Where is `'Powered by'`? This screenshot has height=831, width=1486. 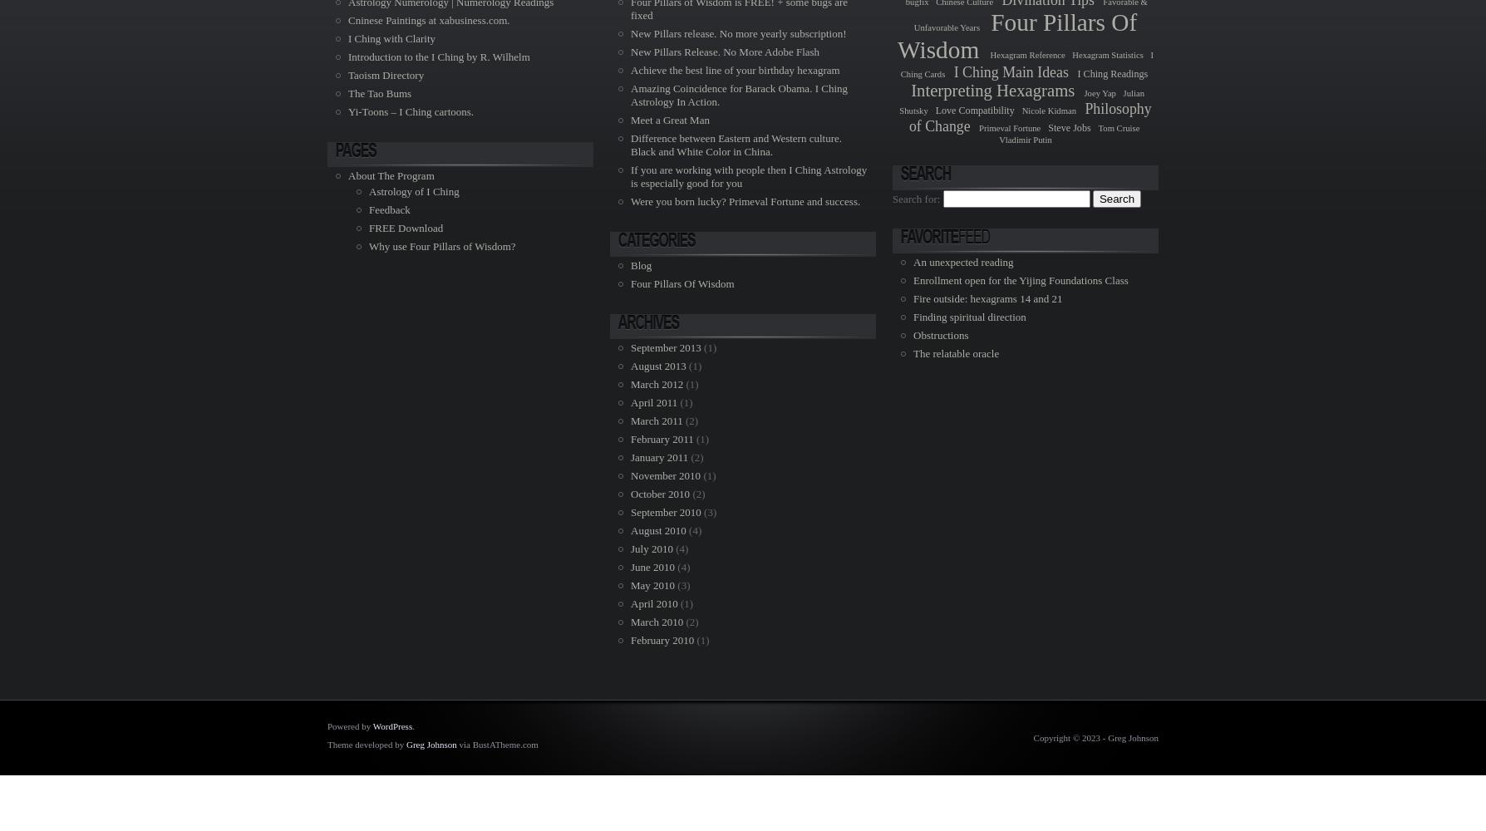
'Powered by' is located at coordinates (349, 725).